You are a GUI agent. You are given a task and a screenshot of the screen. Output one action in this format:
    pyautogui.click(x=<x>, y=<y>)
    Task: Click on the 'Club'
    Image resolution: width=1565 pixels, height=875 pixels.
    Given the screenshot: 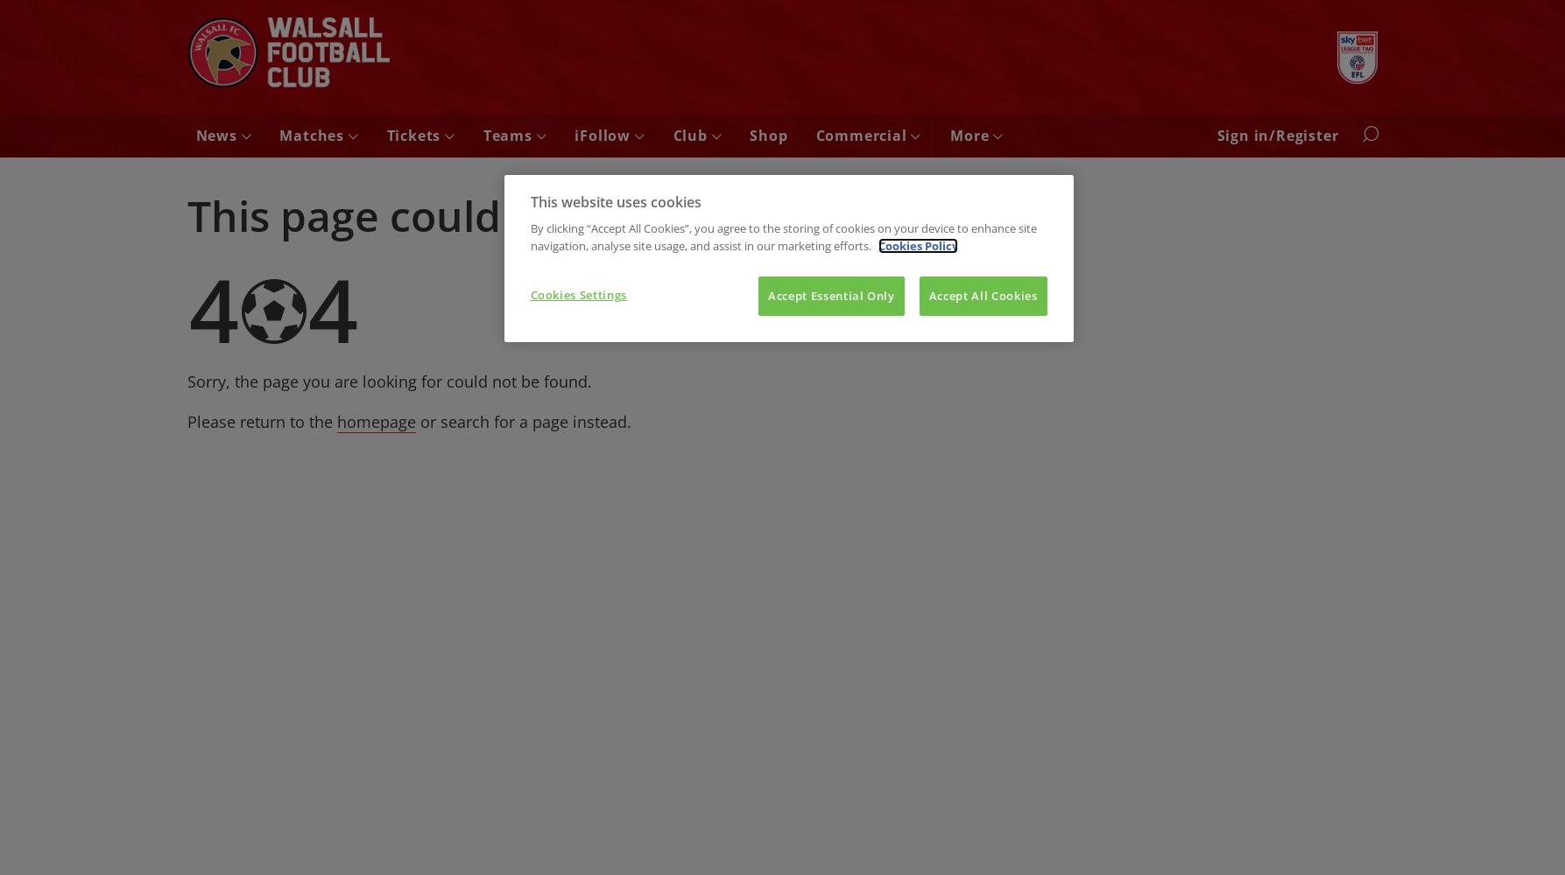 What is the action you would take?
    pyautogui.click(x=692, y=136)
    